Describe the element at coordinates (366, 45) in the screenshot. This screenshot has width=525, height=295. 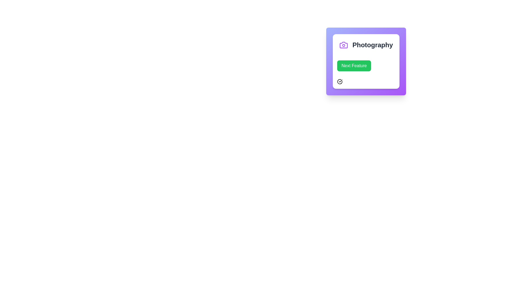
I see `the 'Photography' label with an icon, which serves as a heading for the section and is positioned centrally at the top of the card-like layout` at that location.